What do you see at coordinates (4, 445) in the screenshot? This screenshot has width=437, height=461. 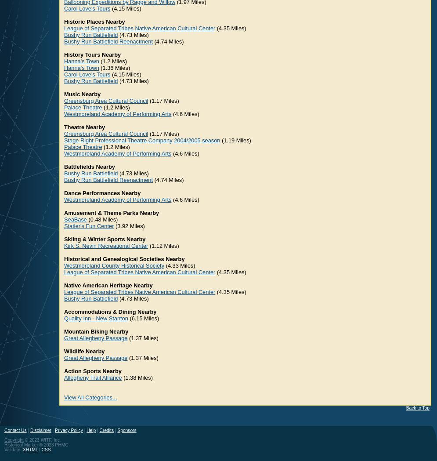 I see `'Historical Marker'` at bounding box center [4, 445].